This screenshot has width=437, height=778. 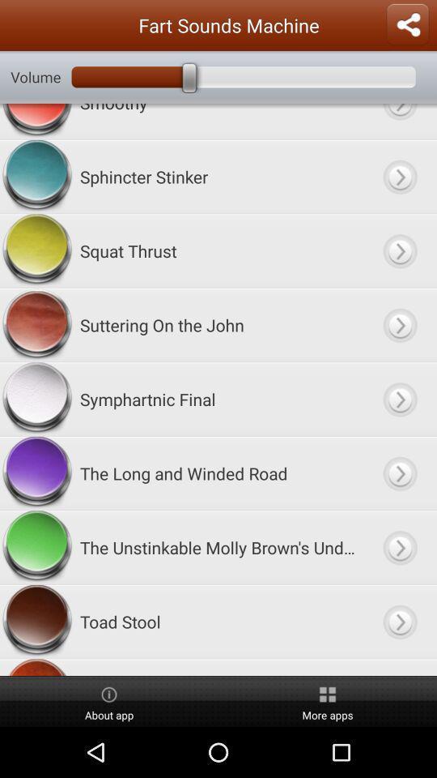 I want to click on the button next to more apps button, so click(x=109, y=701).